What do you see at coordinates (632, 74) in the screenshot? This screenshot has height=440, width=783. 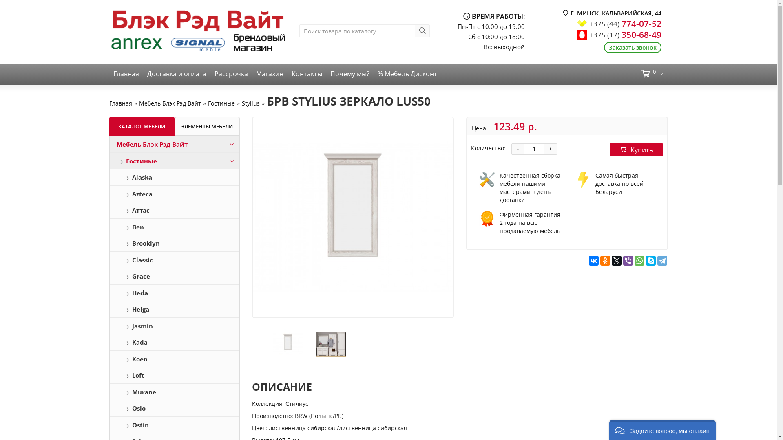 I see `'0'` at bounding box center [632, 74].